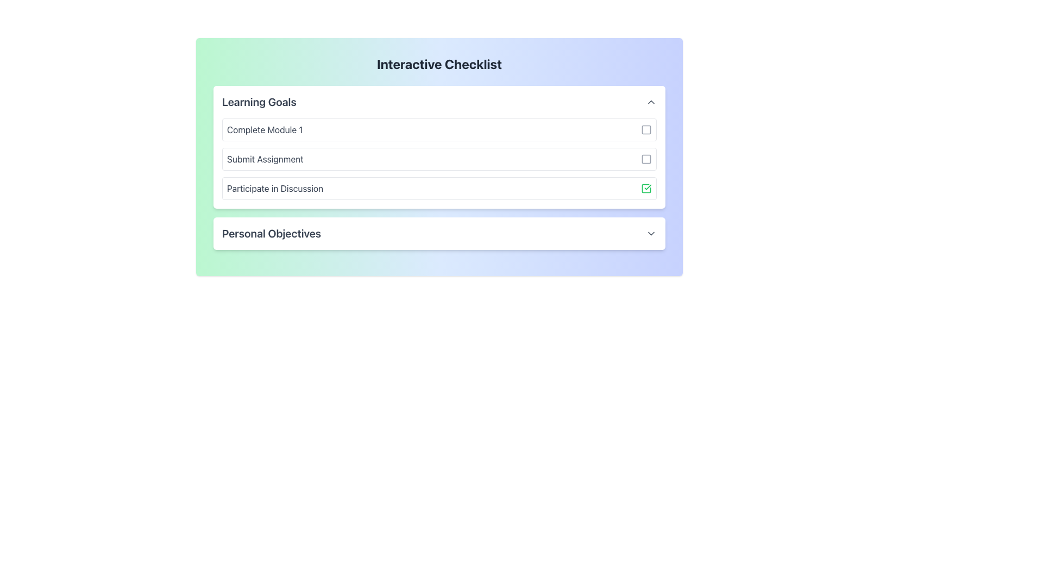 The width and height of the screenshot is (1043, 587). I want to click on the Text Label indicating an assignment-related task in the second row of the 'Learning Goals' checklist, which is located between 'Complete Module 1' and 'Participate in Discussion', so click(265, 159).